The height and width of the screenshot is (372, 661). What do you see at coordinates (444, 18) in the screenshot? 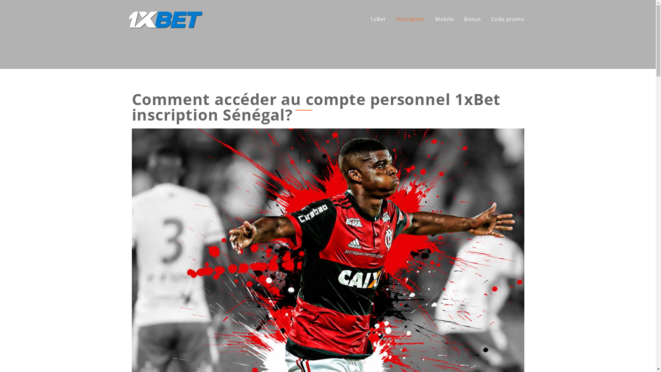
I see `'Mobile'` at bounding box center [444, 18].